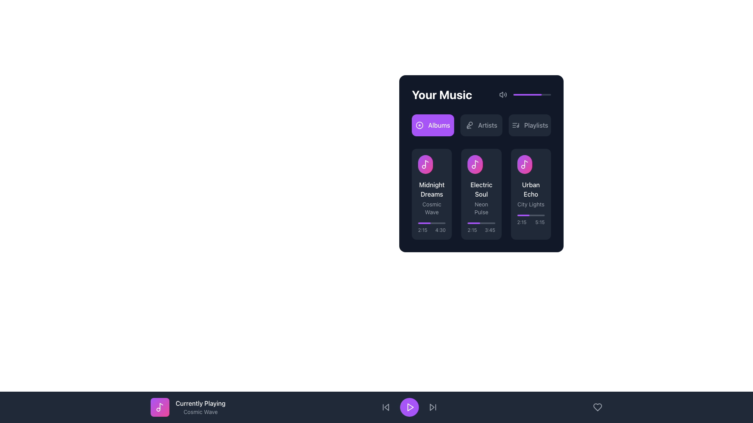 This screenshot has height=423, width=753. I want to click on small music icon depicted as a musical note with a circular base, located in the top-left area of the main content section, above the text 'Midnight Dreams.', so click(425, 164).